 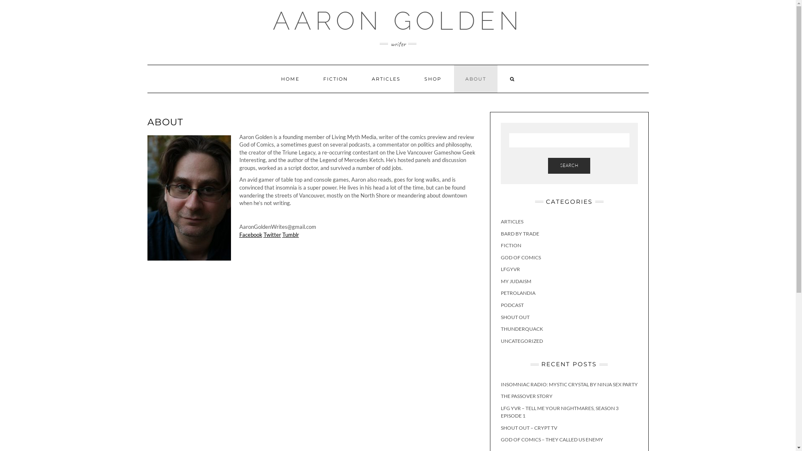 What do you see at coordinates (521, 328) in the screenshot?
I see `'THUNDERQUACK'` at bounding box center [521, 328].